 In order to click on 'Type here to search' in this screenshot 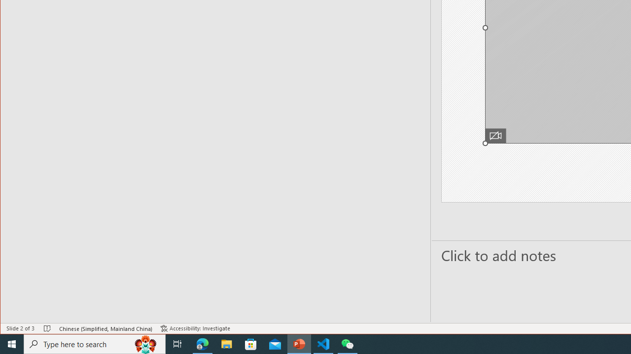, I will do `click(95, 343)`.